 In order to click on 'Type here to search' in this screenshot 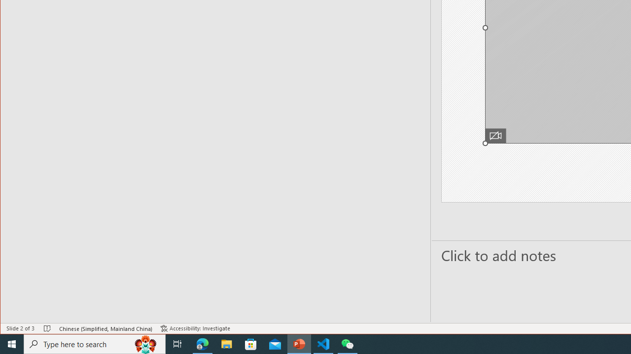, I will do `click(95, 343)`.